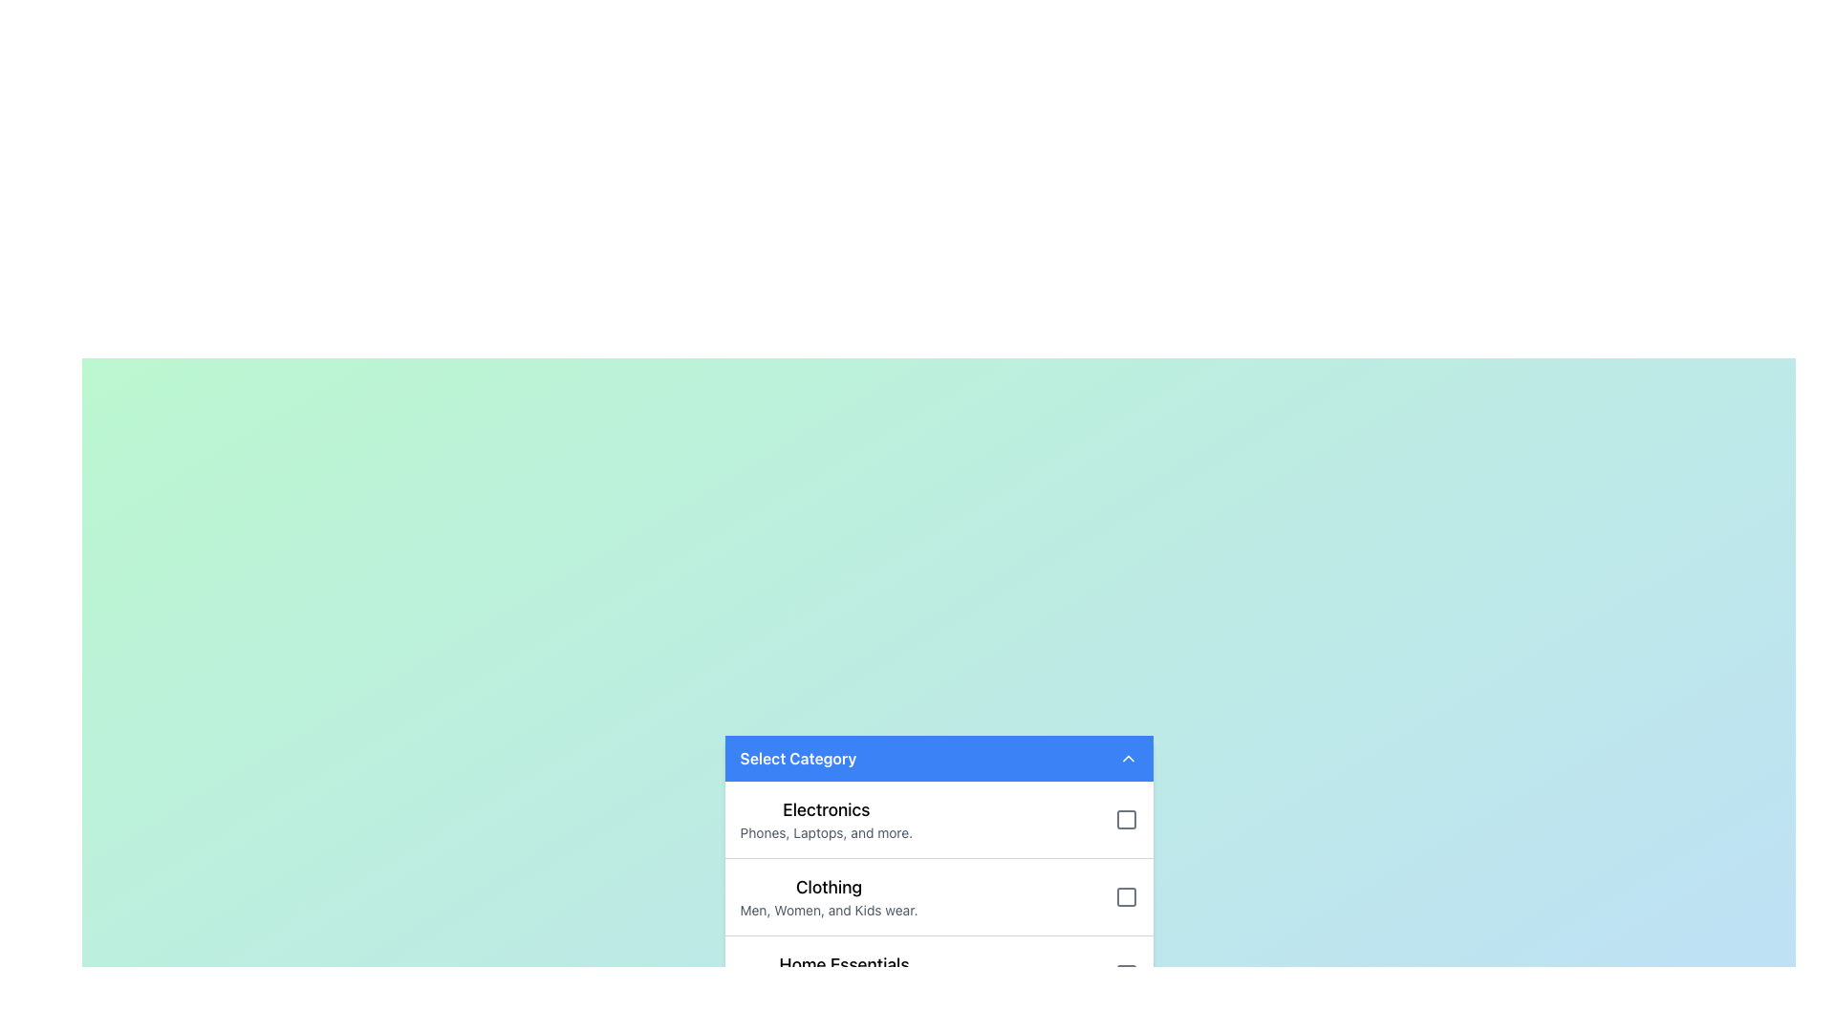 This screenshot has width=1835, height=1032. What do you see at coordinates (1126, 974) in the screenshot?
I see `the small square-shaped SVG icon located in the bottom-right corner of the 'Home Essentials' list item` at bounding box center [1126, 974].